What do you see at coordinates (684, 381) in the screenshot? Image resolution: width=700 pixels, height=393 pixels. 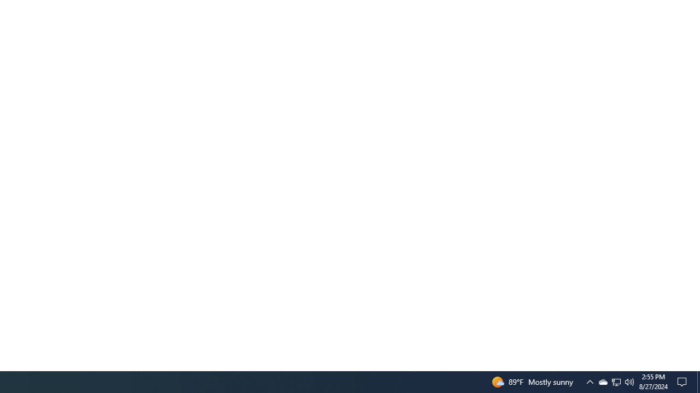 I see `'Action Center, No new notifications'` at bounding box center [684, 381].